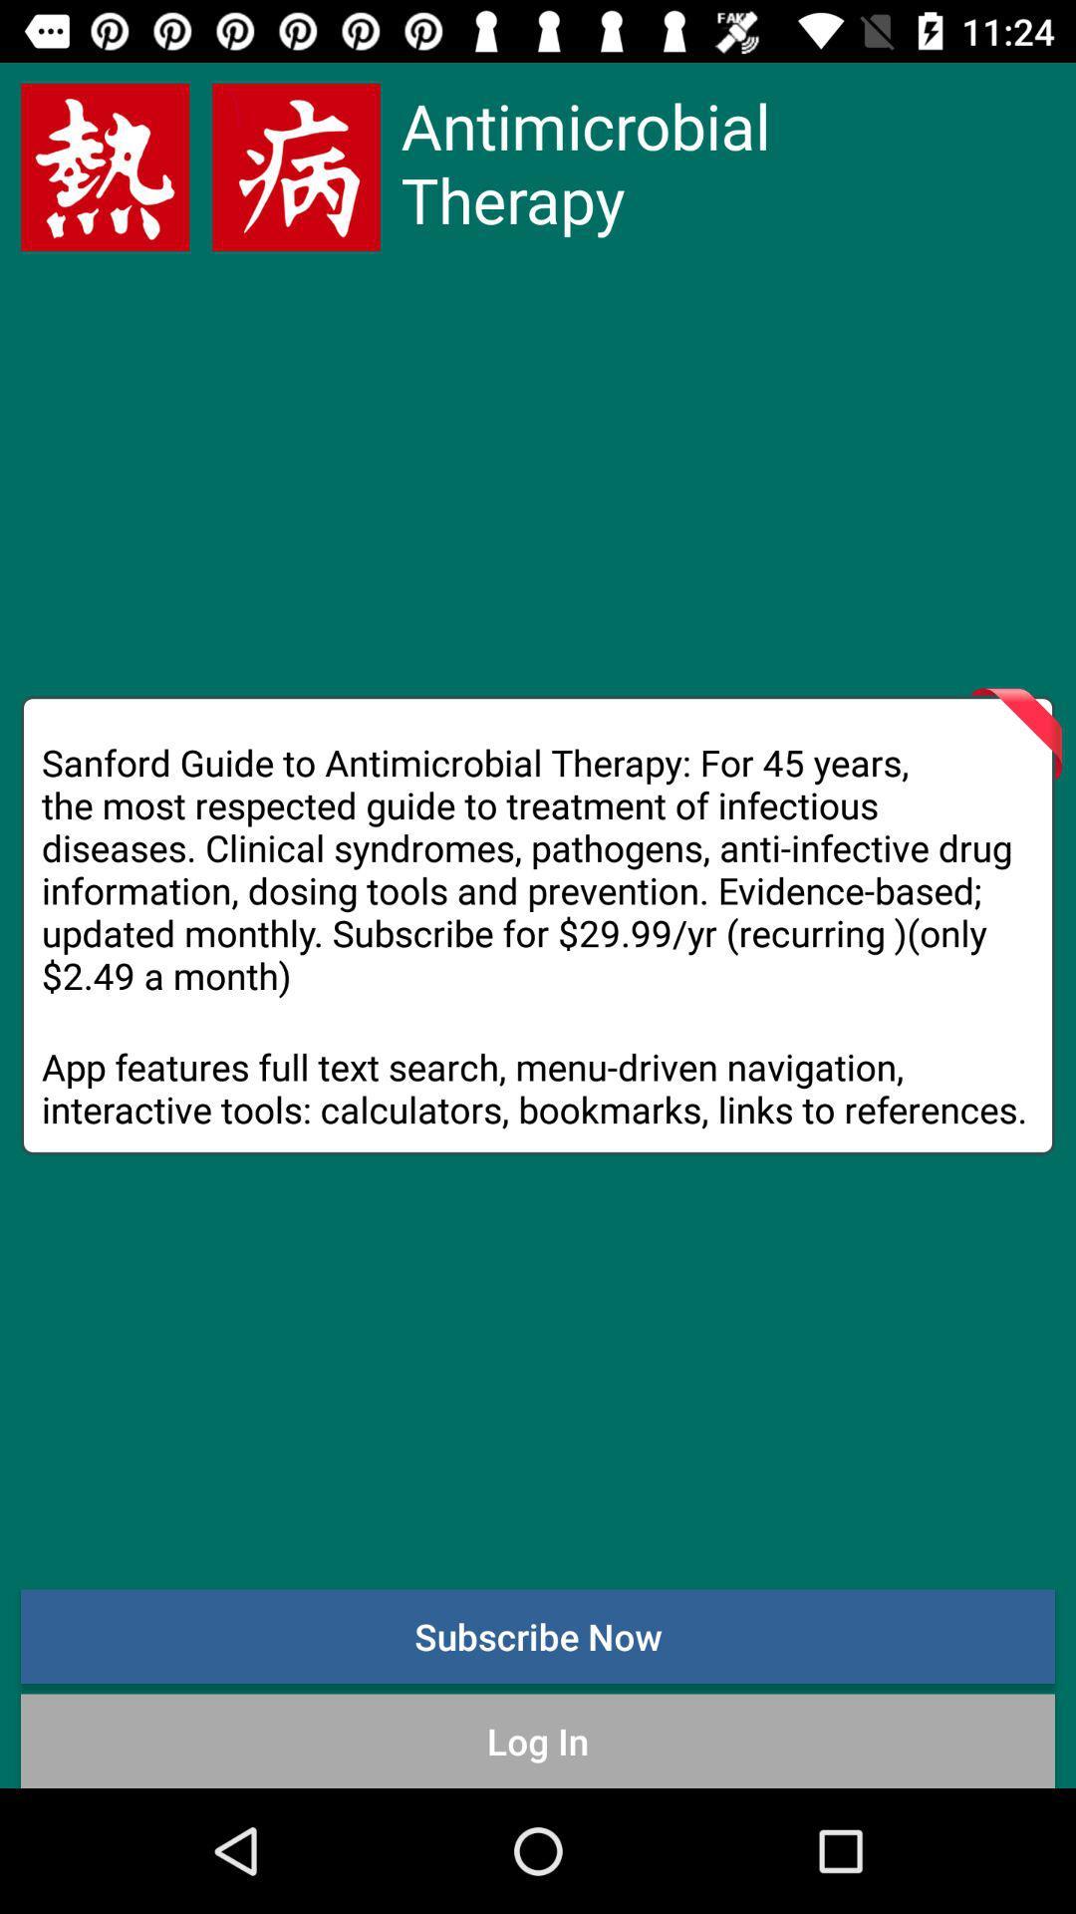 The height and width of the screenshot is (1914, 1076). What do you see at coordinates (538, 1636) in the screenshot?
I see `the subscribe now icon` at bounding box center [538, 1636].